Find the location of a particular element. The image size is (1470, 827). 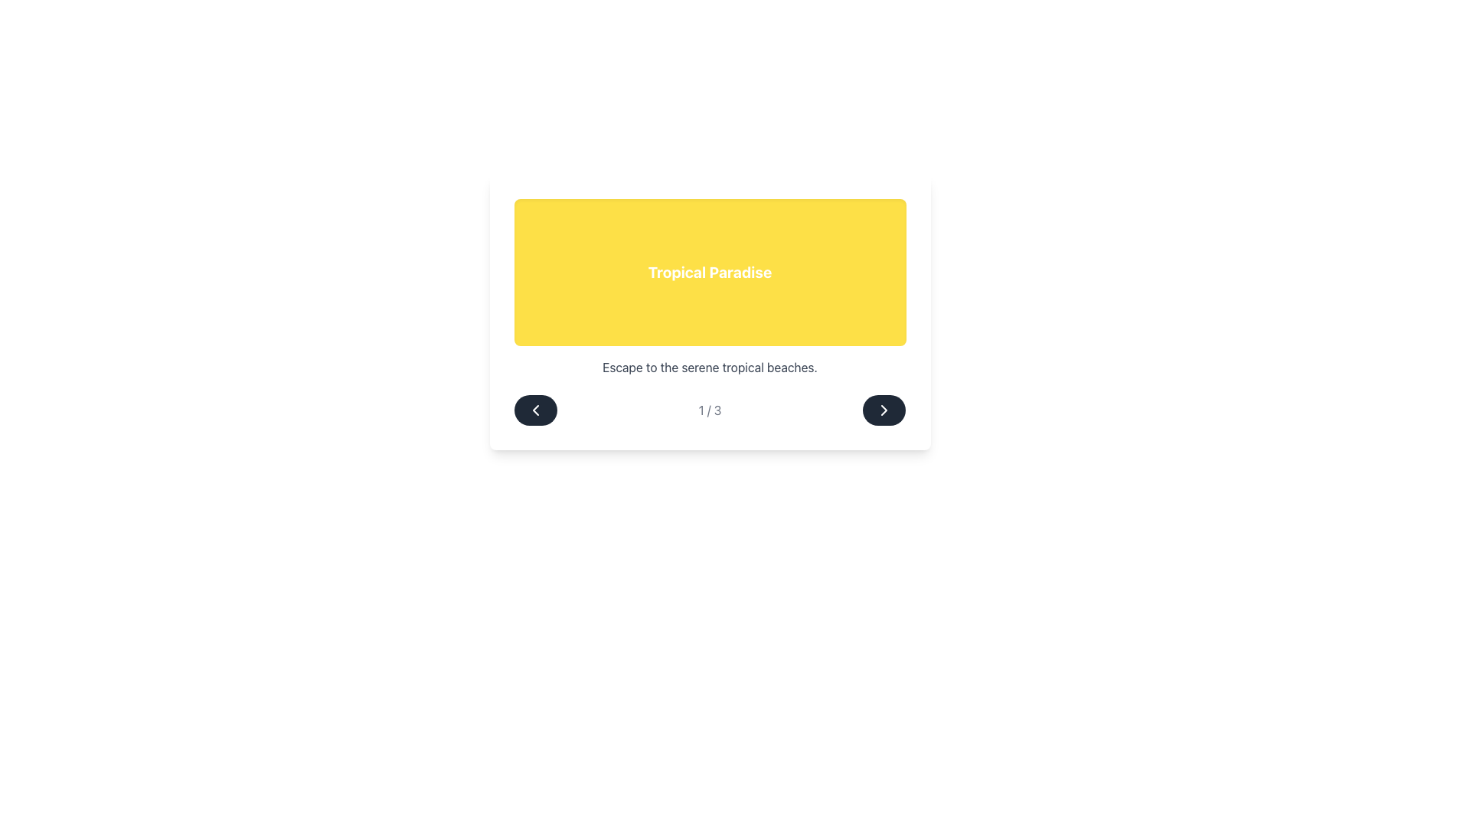

the arrow icon SVG element located inside the circular button at the bottom-right corner of the card component is located at coordinates (884, 410).